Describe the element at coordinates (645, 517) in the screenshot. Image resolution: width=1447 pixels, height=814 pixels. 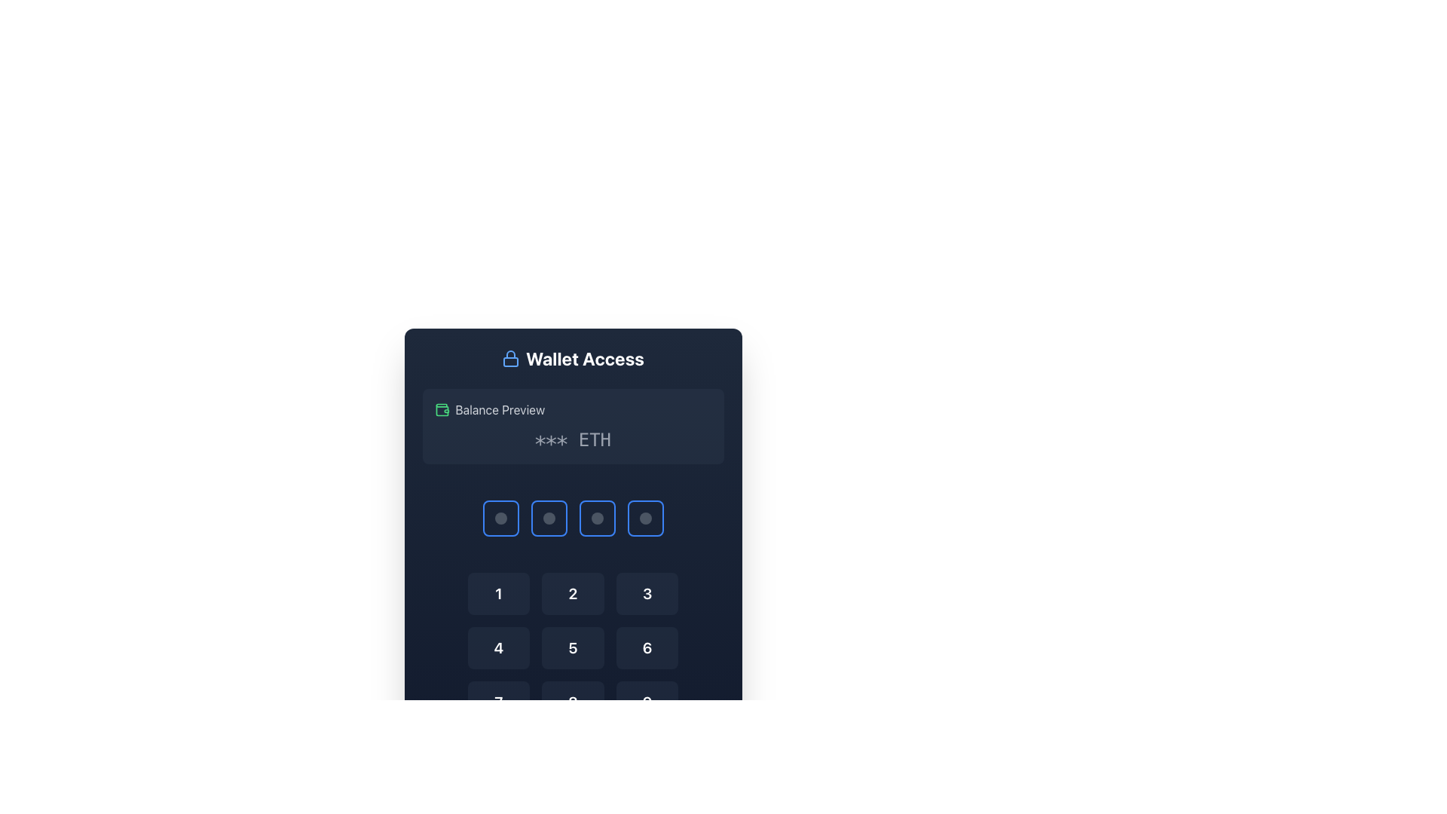
I see `the small gray circular indicator located in the bottom-right area of the interface, specifically the fourth element in a horizontal row of similar circular elements` at that location.